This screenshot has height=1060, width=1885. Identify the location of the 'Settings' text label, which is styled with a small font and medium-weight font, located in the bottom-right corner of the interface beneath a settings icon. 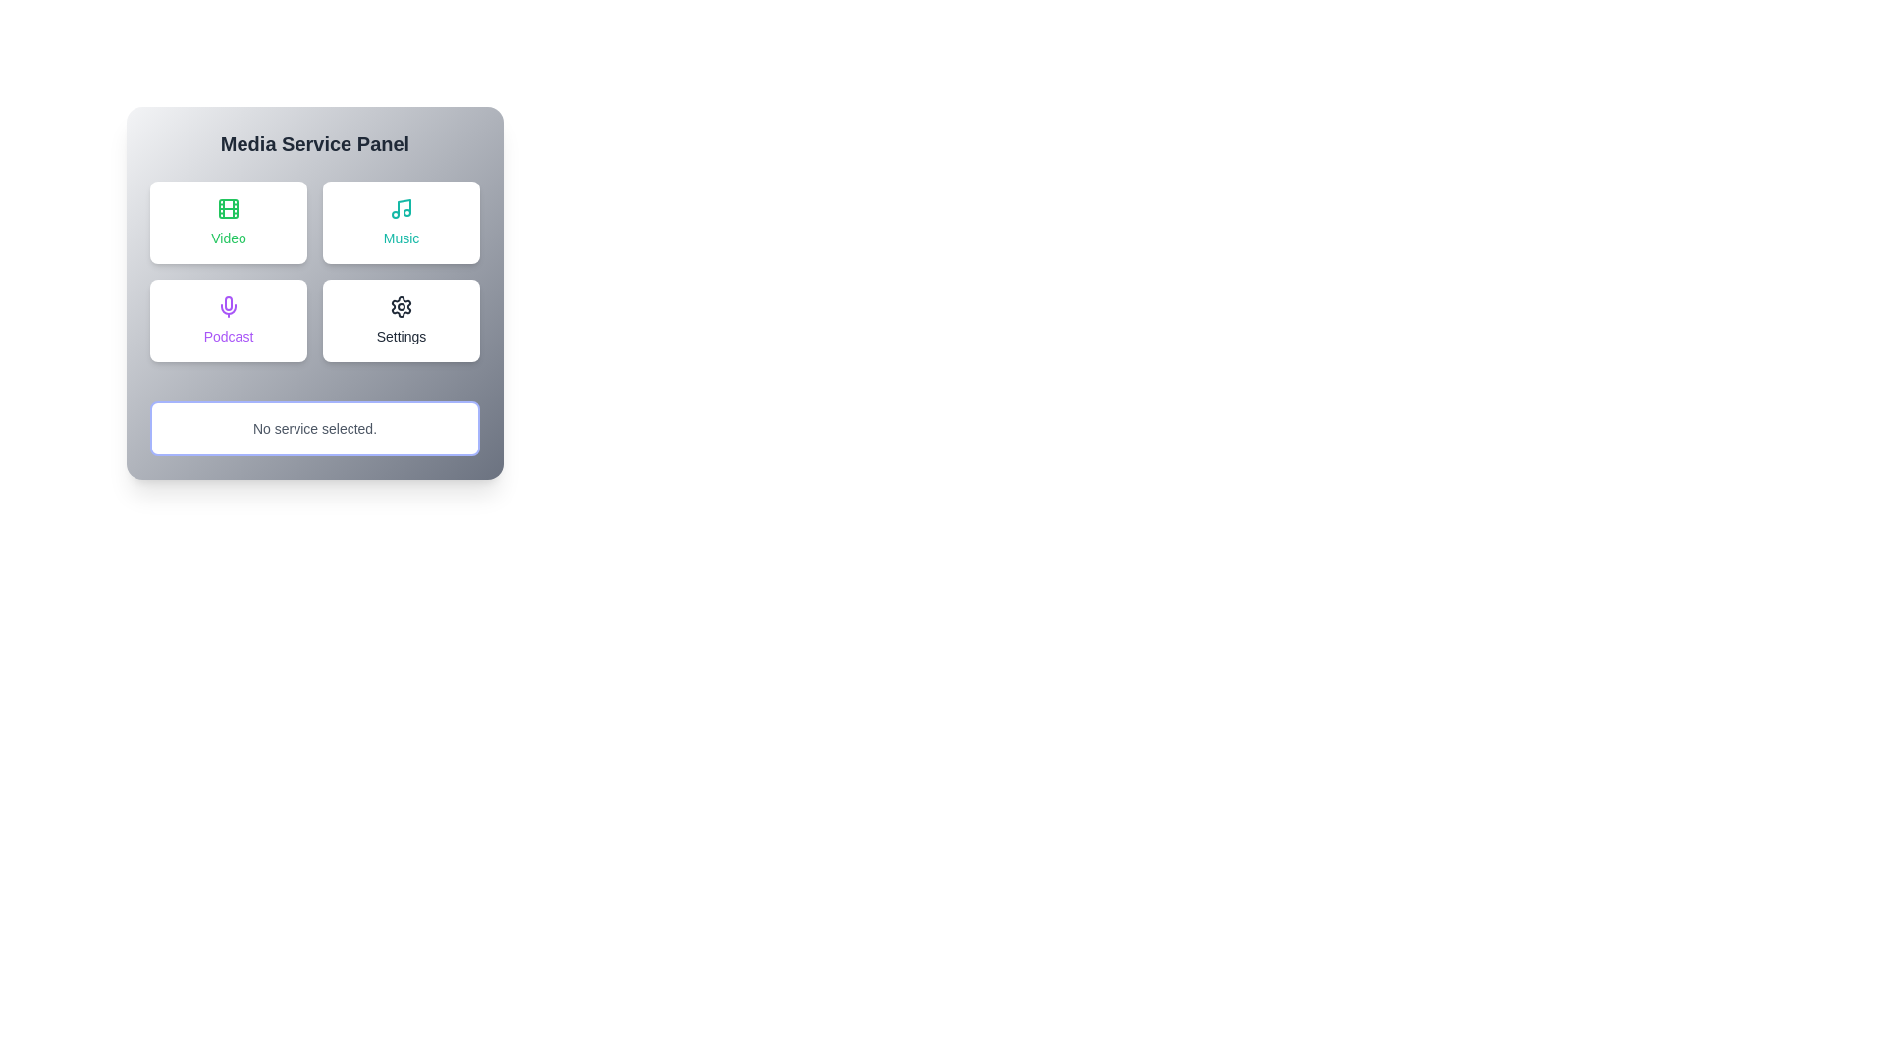
(400, 336).